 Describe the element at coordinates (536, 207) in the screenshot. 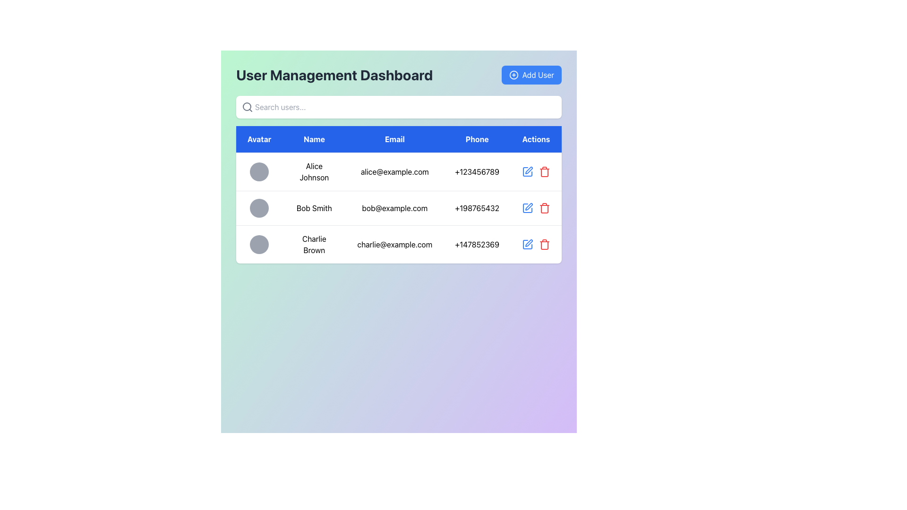

I see `the action bar icons in the 'Actions' column of the second row in the data table` at that location.